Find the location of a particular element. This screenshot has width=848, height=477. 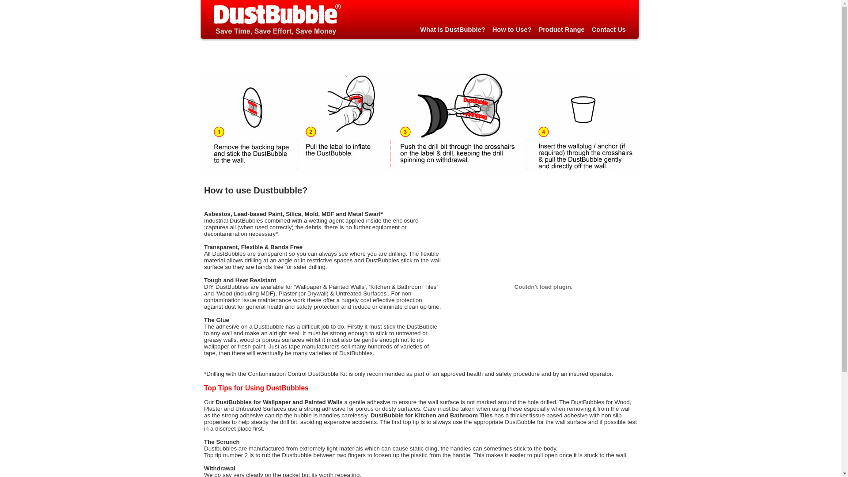

'What is DustBubble?' is located at coordinates (456, 29).